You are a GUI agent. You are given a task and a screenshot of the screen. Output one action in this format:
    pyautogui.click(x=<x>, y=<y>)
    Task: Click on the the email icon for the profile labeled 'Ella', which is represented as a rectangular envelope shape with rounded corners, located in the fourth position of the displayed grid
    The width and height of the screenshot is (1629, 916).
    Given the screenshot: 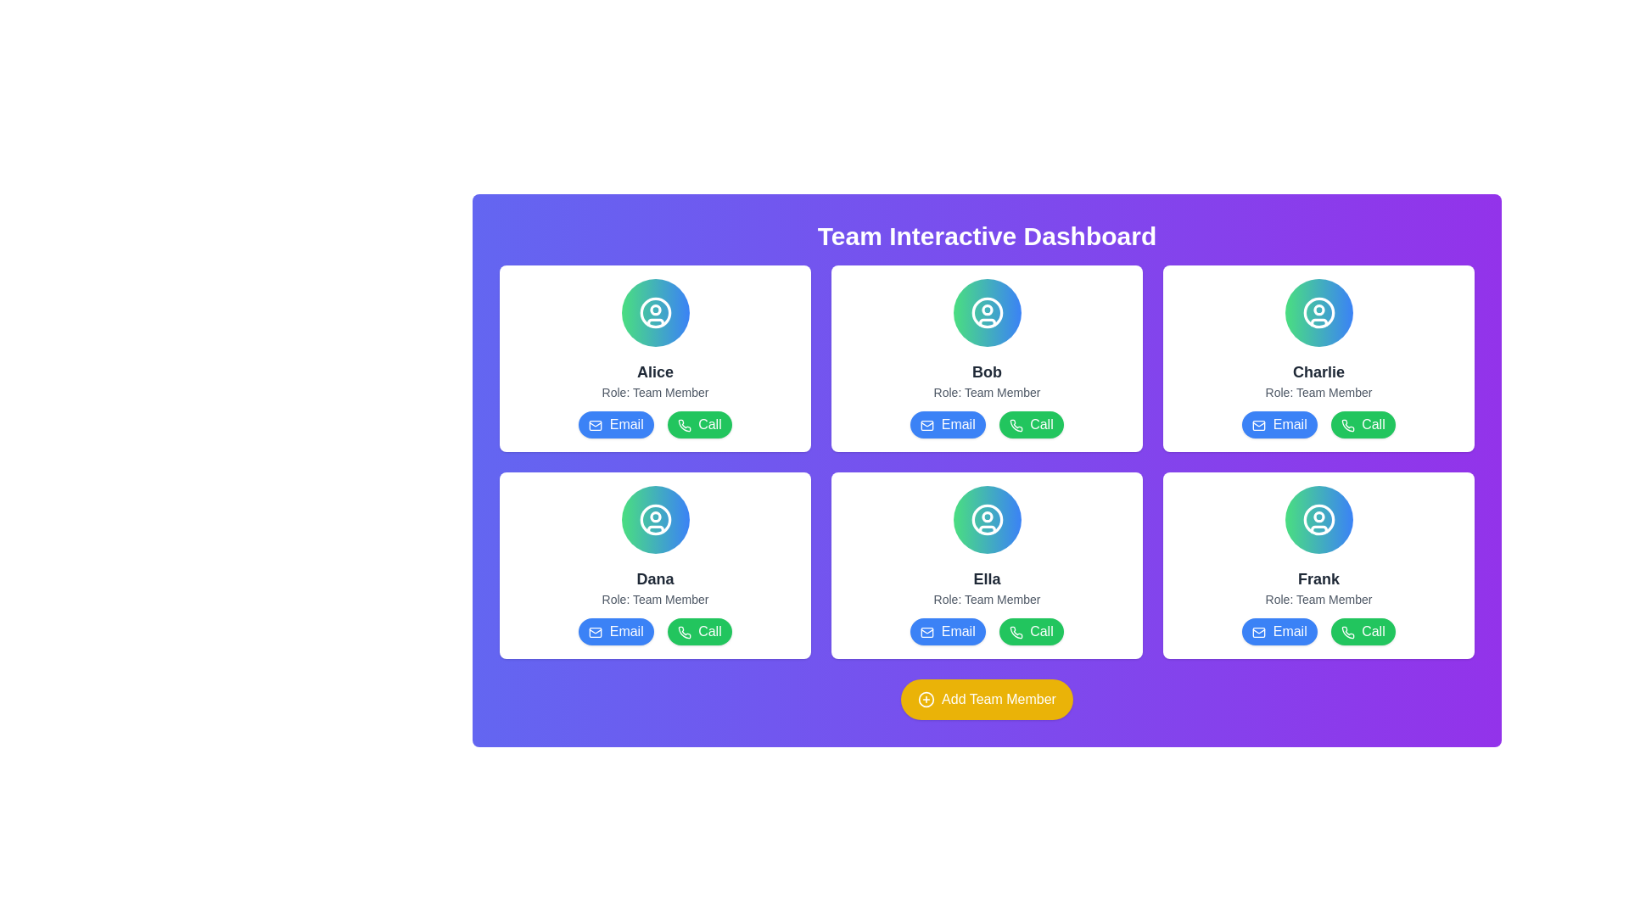 What is the action you would take?
    pyautogui.click(x=926, y=632)
    